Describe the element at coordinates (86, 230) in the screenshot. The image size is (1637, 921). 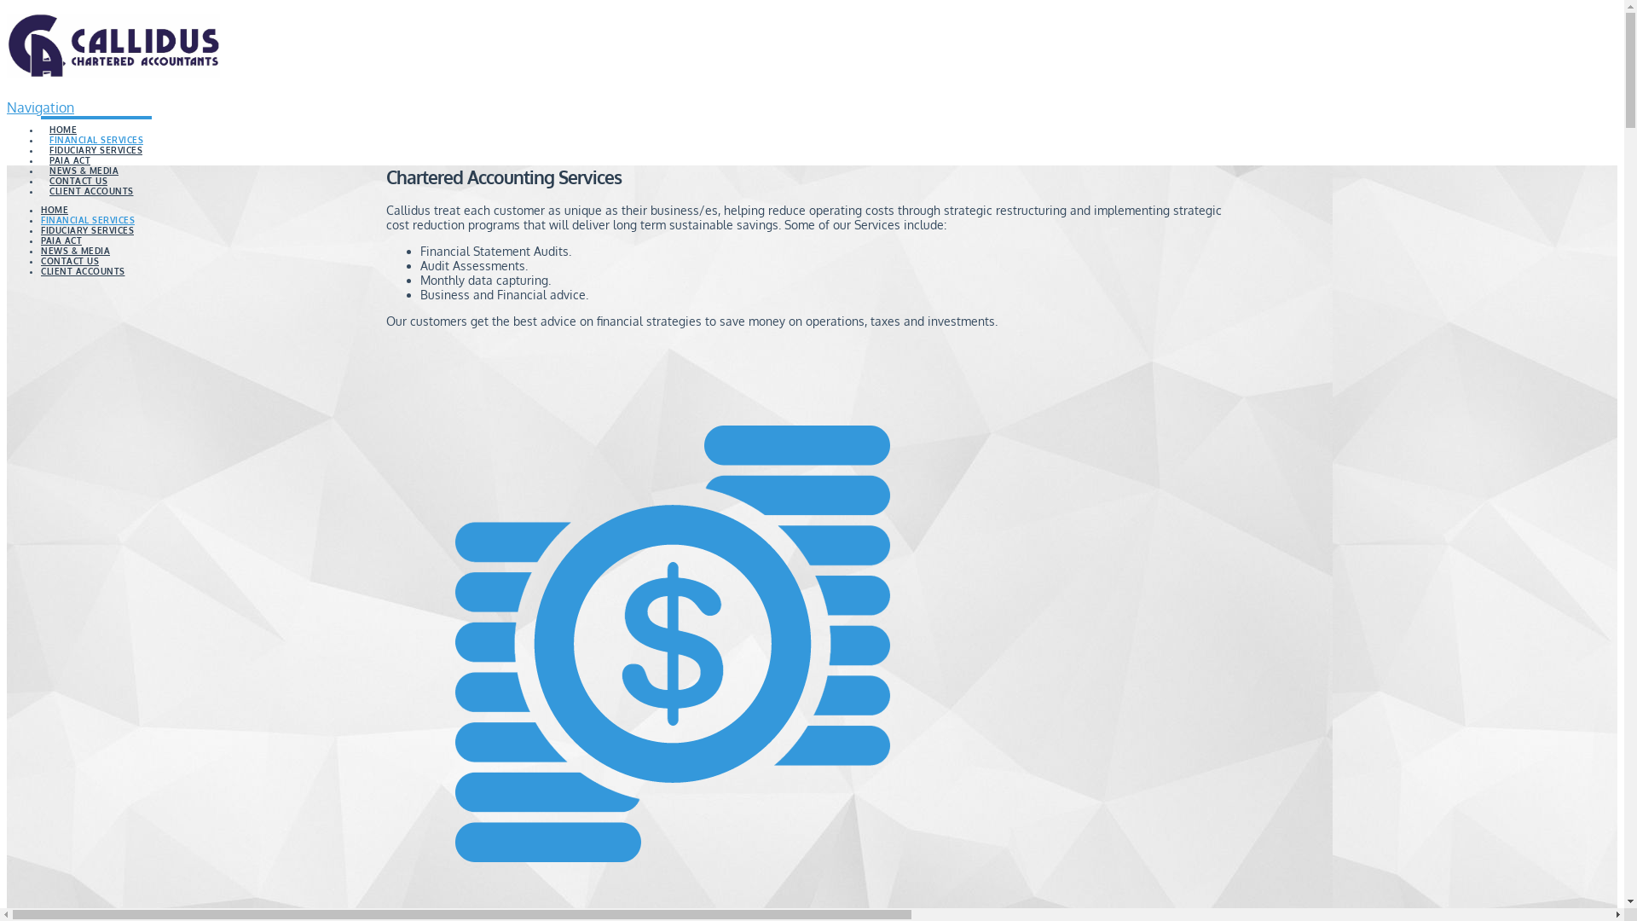
I see `'FIDUCIARY SERVICES'` at that location.